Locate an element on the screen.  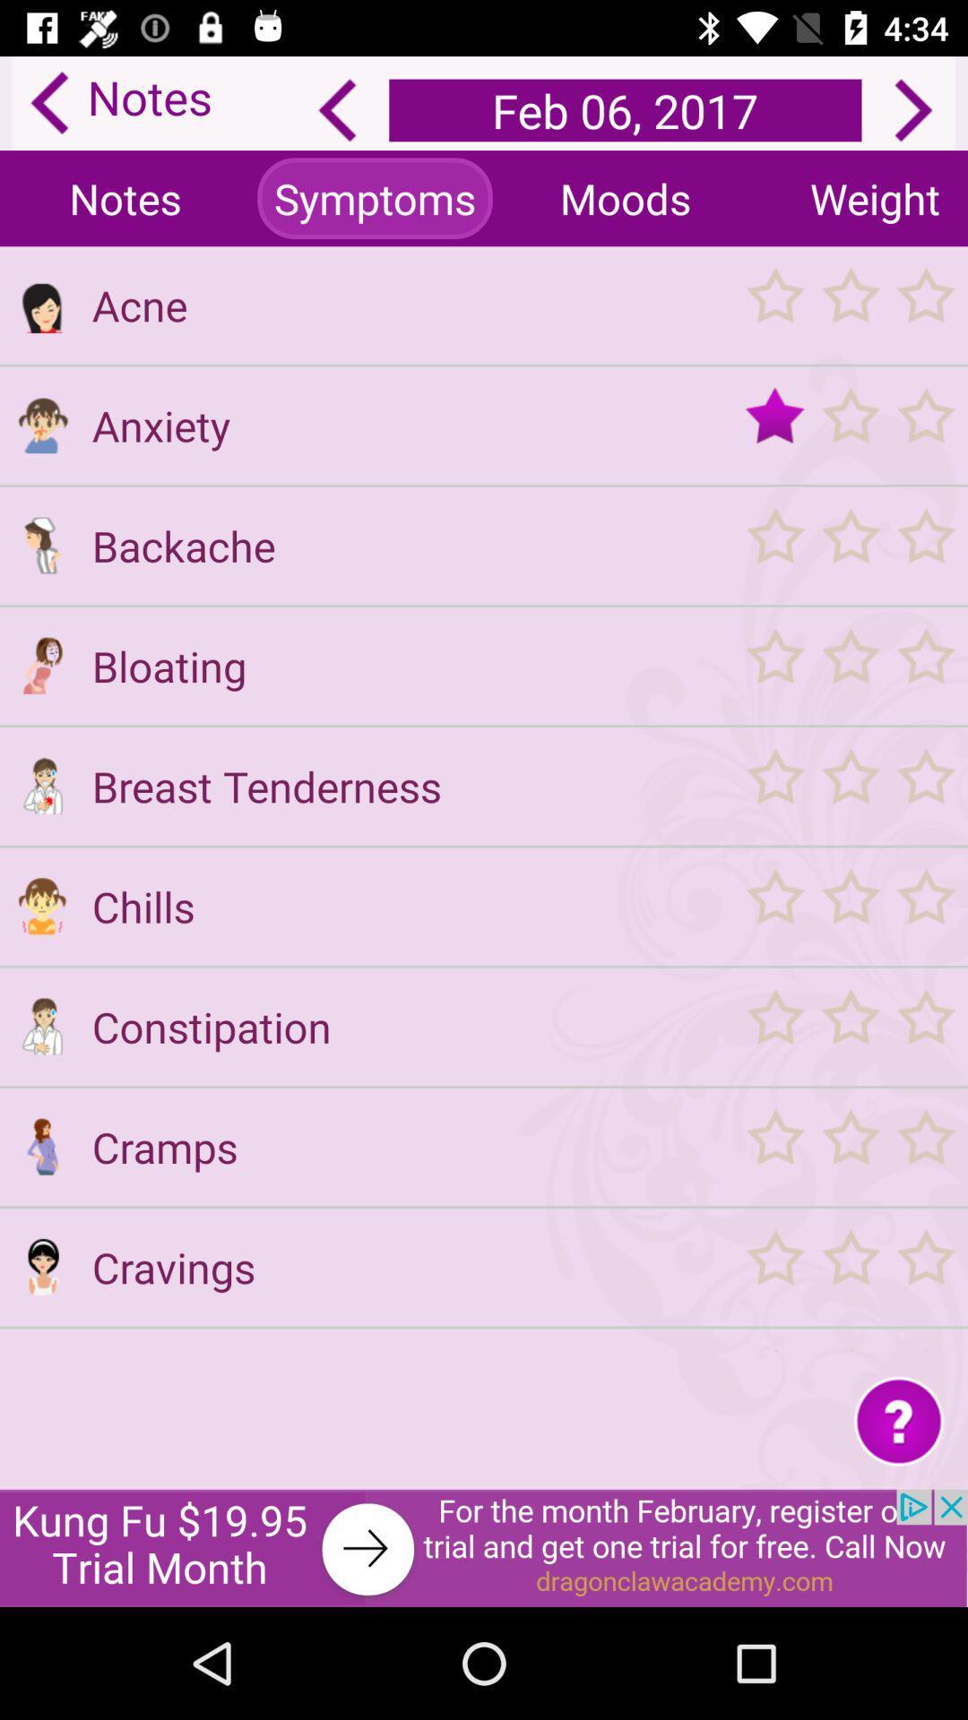
banner advertisement is located at coordinates (484, 1547).